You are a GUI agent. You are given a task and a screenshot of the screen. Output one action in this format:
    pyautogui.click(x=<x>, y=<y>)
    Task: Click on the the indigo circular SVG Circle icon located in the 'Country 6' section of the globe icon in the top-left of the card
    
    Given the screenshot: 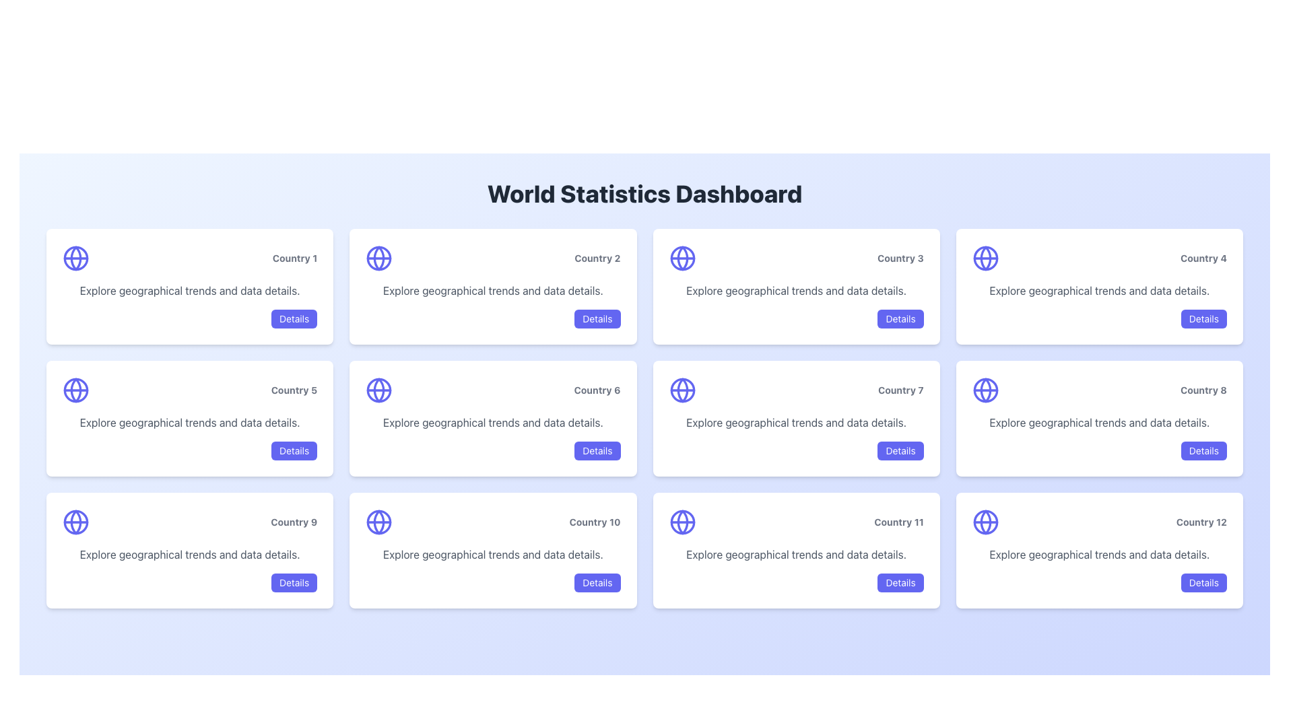 What is the action you would take?
    pyautogui.click(x=378, y=390)
    